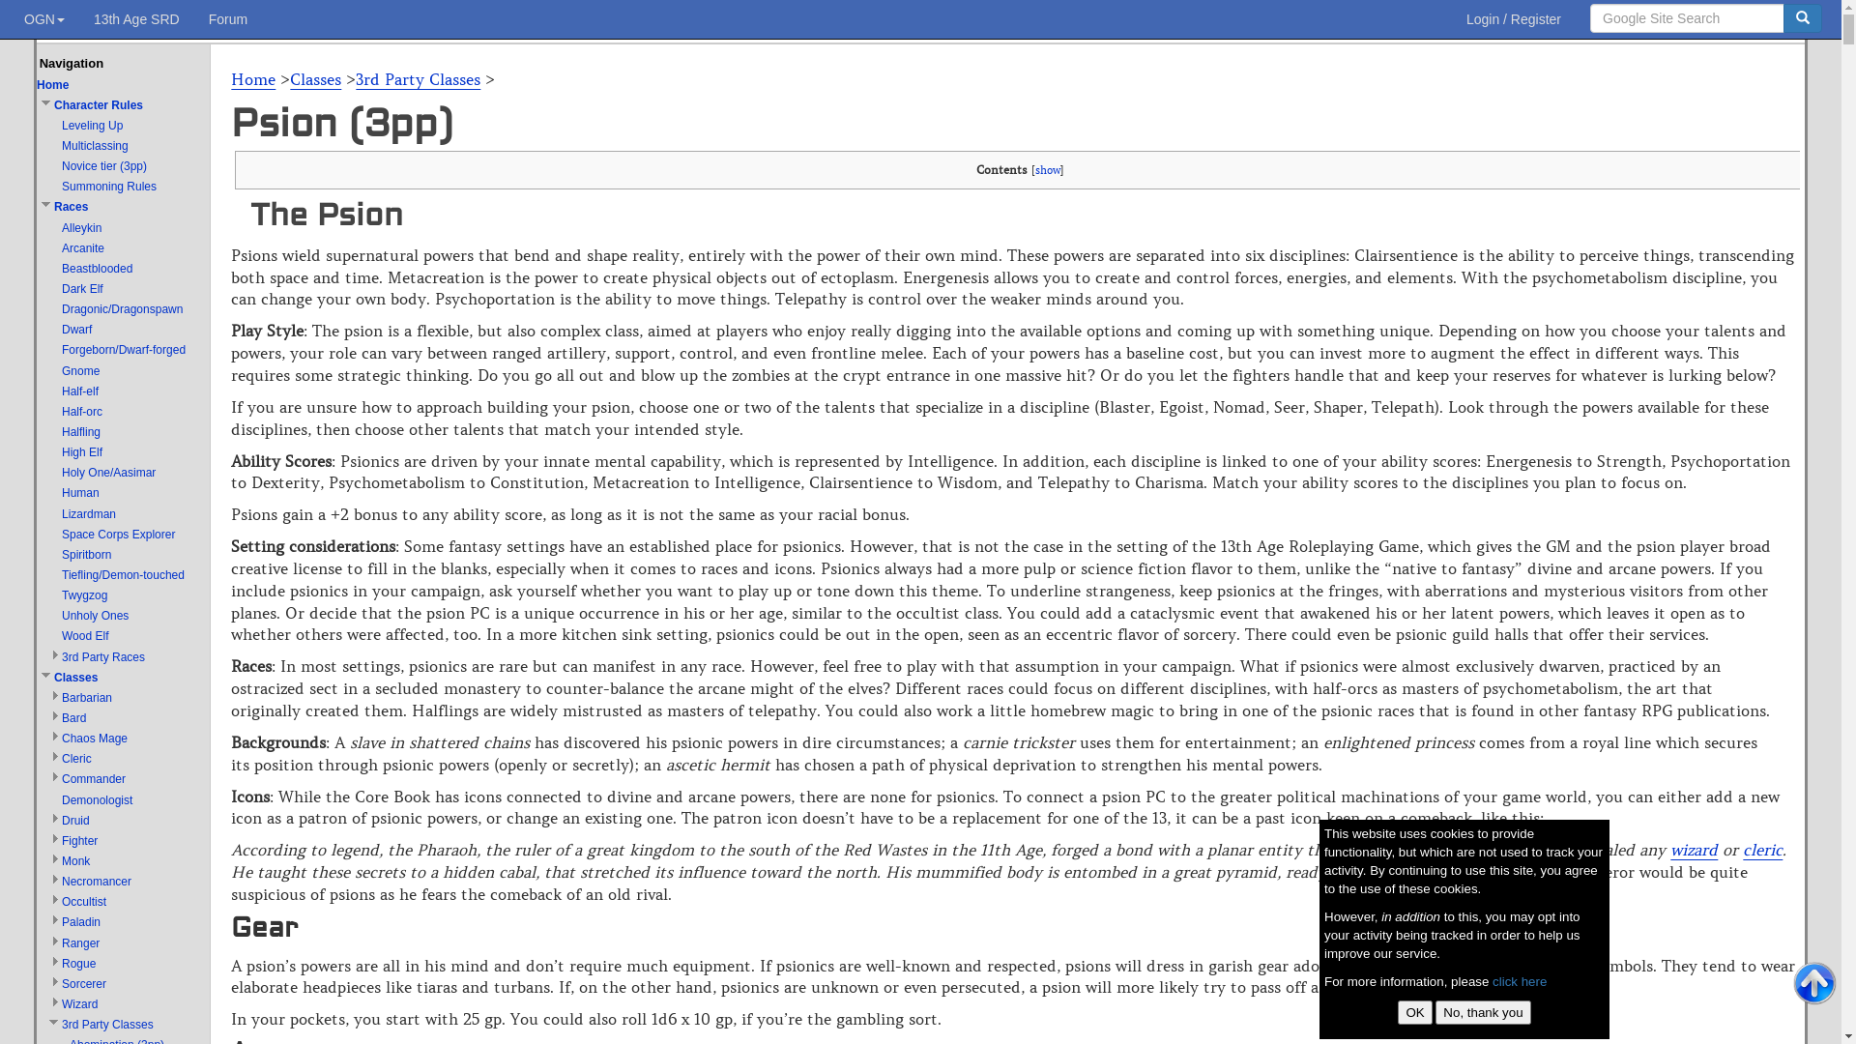 This screenshot has width=1856, height=1044. I want to click on 'Multiclassing', so click(61, 144).